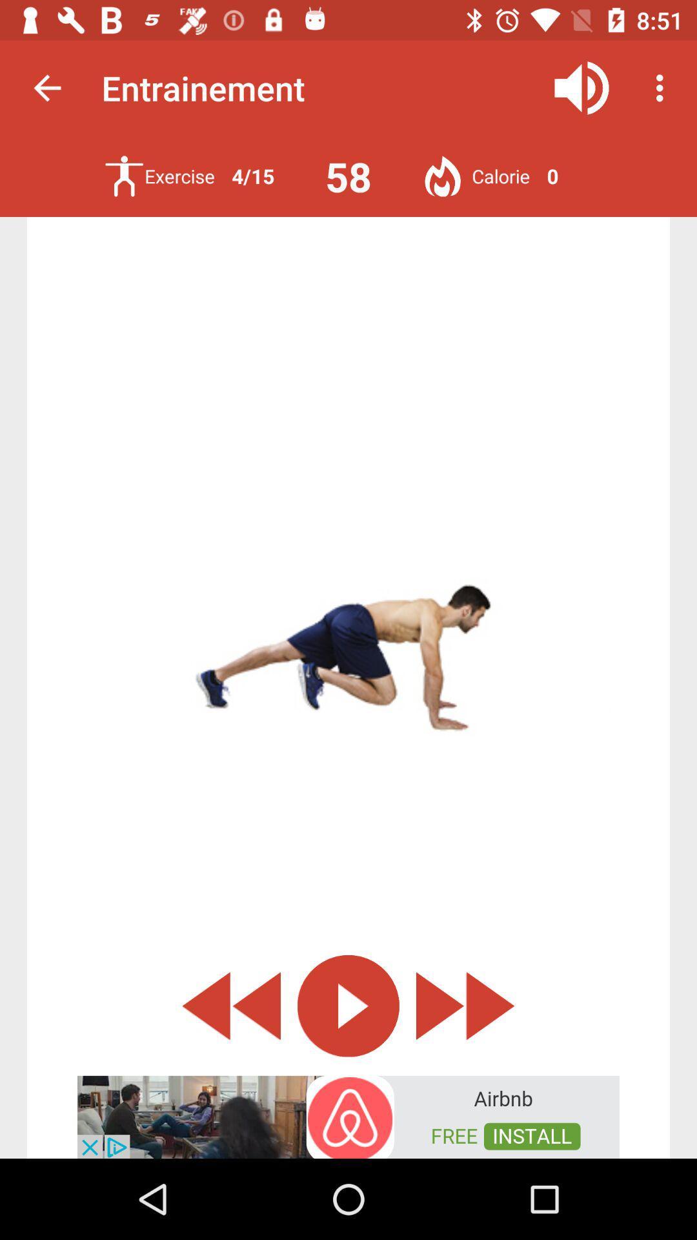  I want to click on the av_rewind icon, so click(230, 1005).